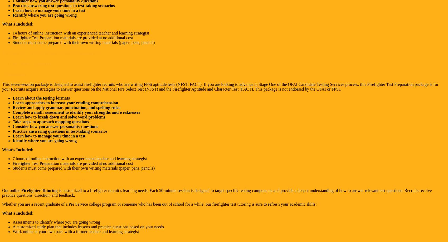 The width and height of the screenshot is (448, 242). What do you see at coordinates (60, 131) in the screenshot?
I see `'Practice answering questions in test-taking scenarios'` at bounding box center [60, 131].